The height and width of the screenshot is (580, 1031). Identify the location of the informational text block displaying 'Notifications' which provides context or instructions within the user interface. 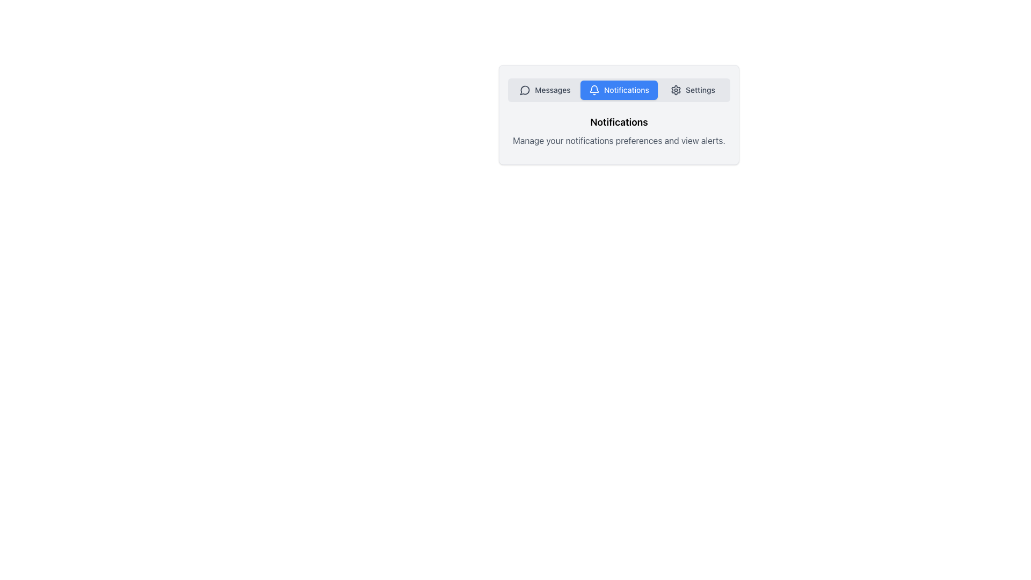
(619, 130).